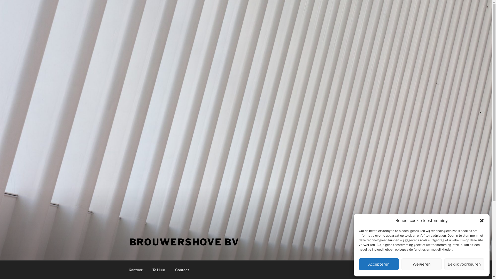  What do you see at coordinates (158, 269) in the screenshot?
I see `'Te Huur'` at bounding box center [158, 269].